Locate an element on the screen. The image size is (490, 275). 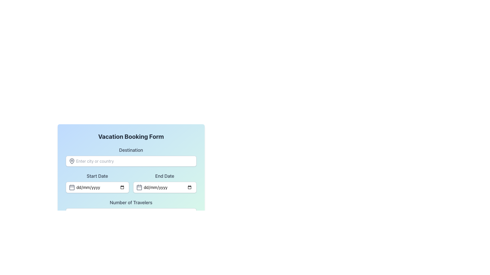
the calendar icon located inside the 'End Date' input field, which is positioned to the left of the placeholder text 'dd/mm/yyyy' is located at coordinates (139, 187).